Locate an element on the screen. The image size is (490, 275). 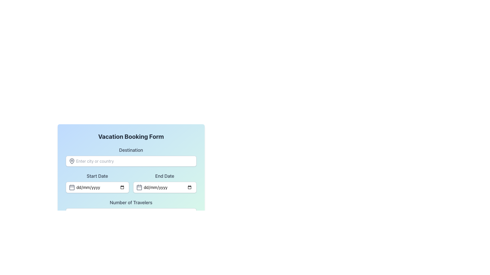
the calendar icon located inside the 'End Date' input field, which is positioned to the left of the placeholder text 'dd/mm/yyyy' is located at coordinates (139, 187).